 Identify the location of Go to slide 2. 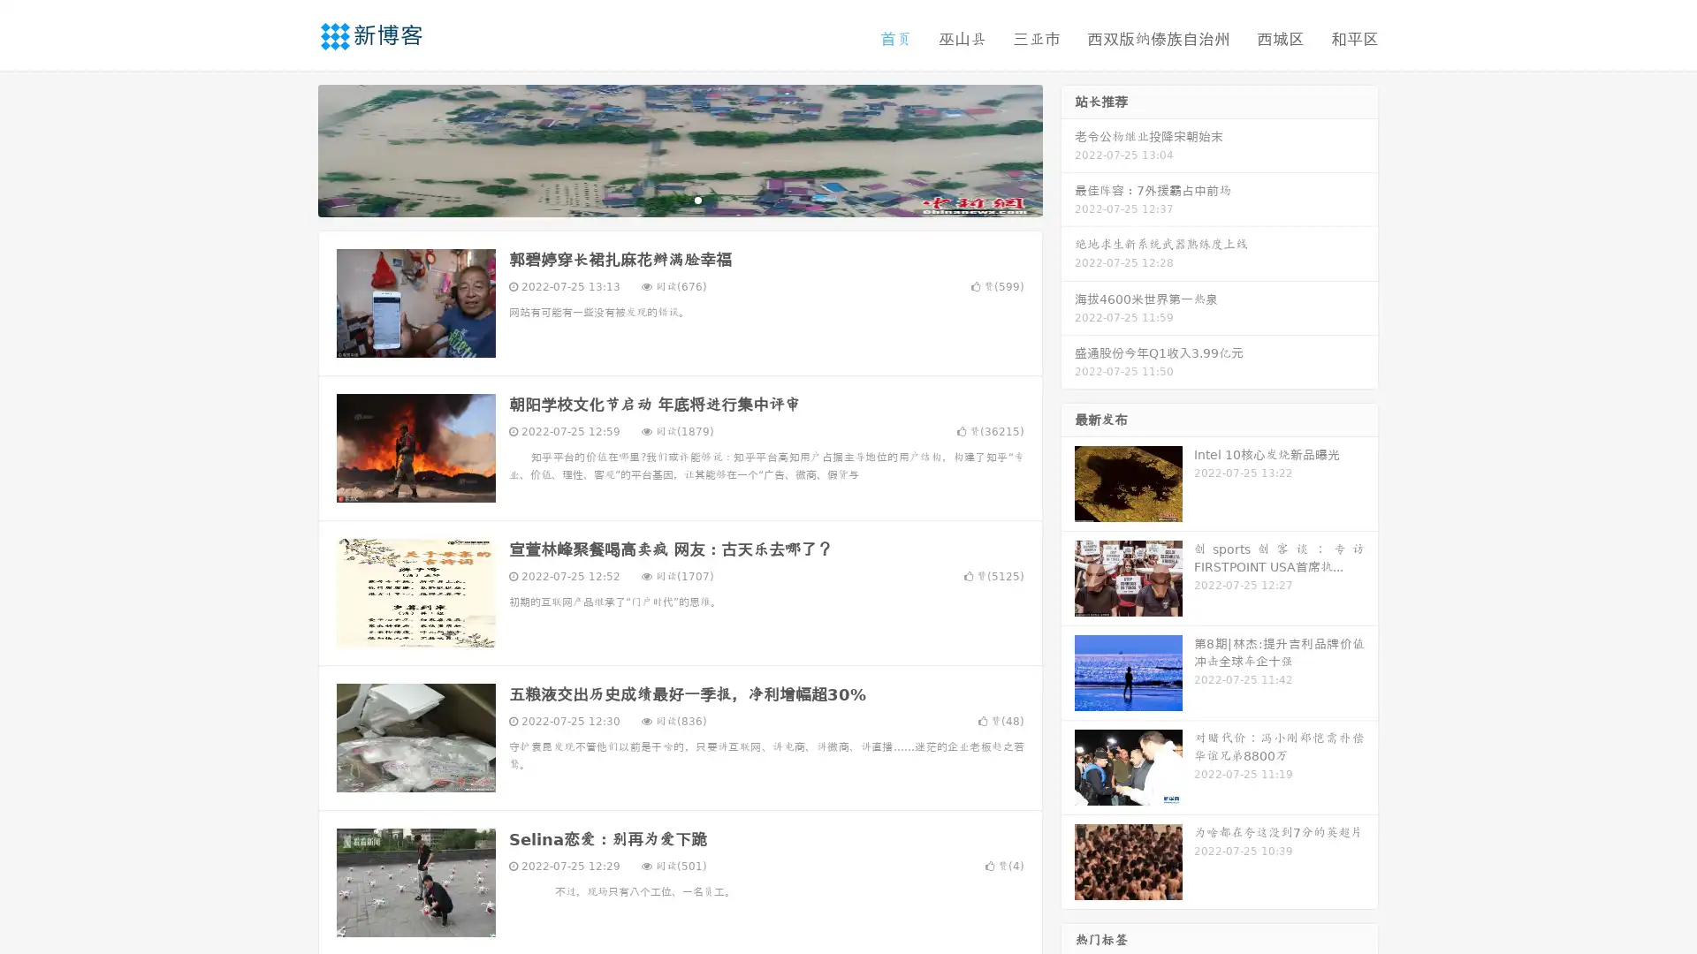
(679, 199).